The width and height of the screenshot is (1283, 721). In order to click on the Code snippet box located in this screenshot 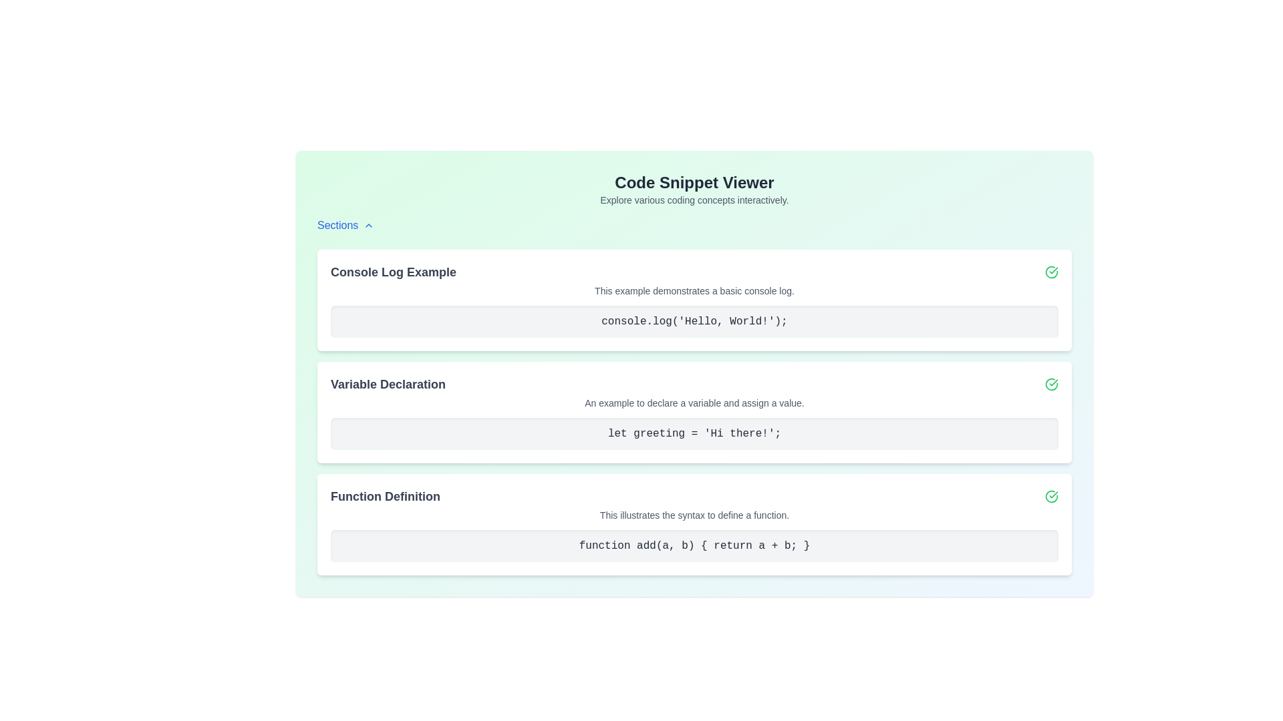, I will do `click(694, 545)`.